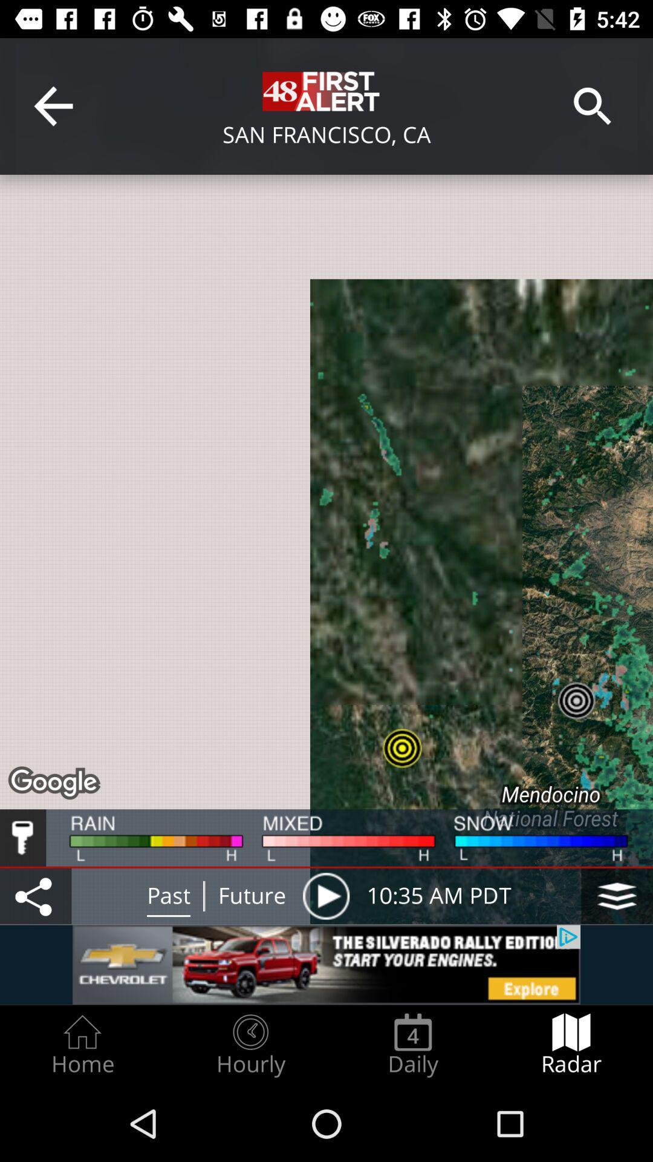  I want to click on hourly icon, so click(250, 1045).